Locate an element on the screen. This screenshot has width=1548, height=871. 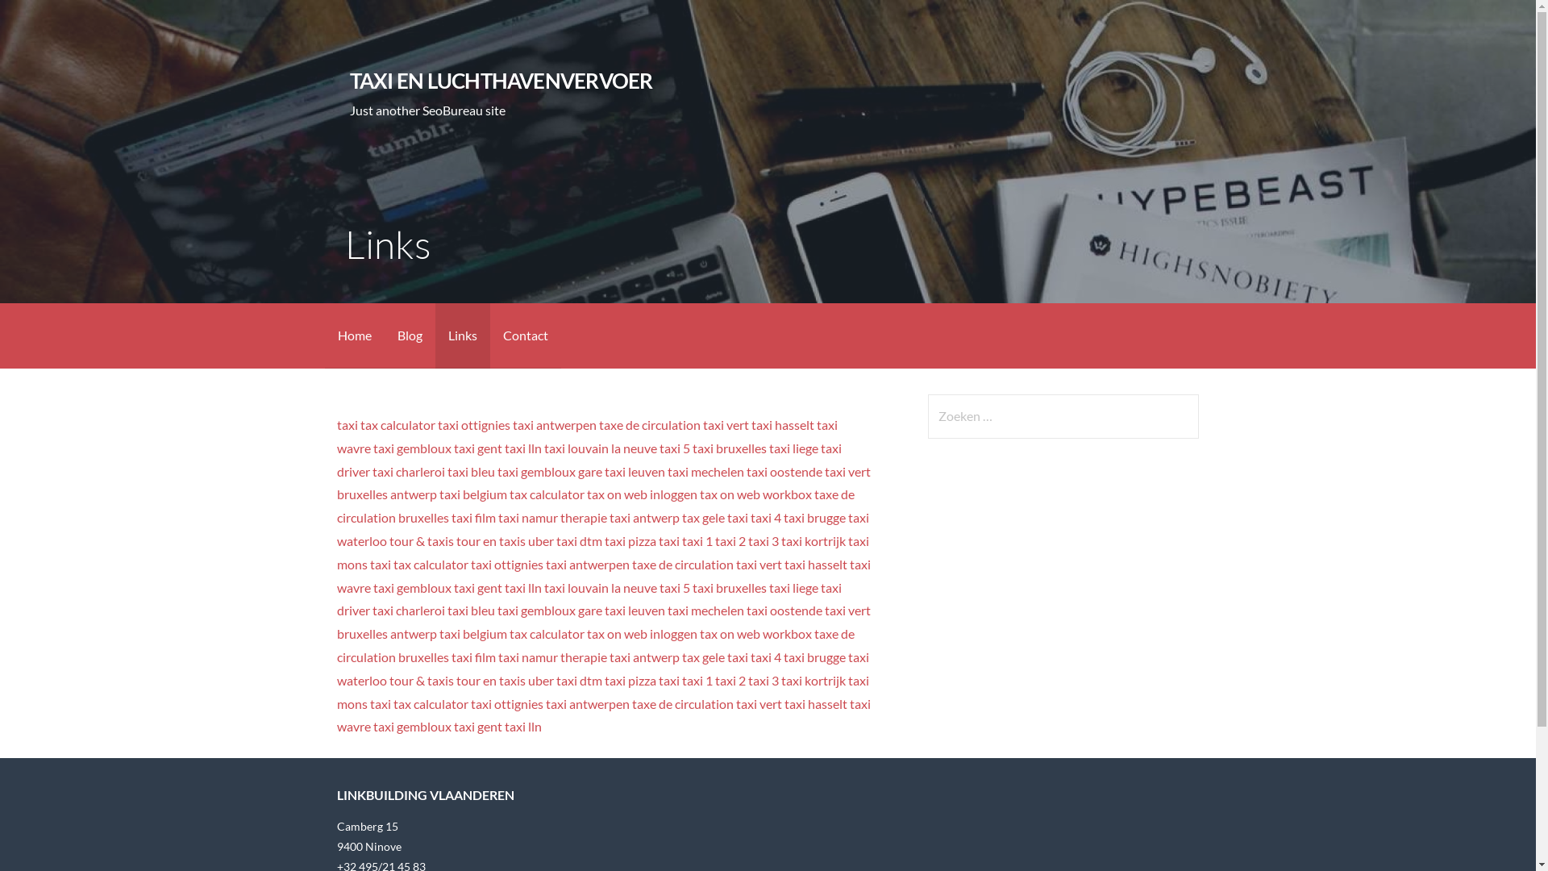
'taxi gent' is located at coordinates (452, 448).